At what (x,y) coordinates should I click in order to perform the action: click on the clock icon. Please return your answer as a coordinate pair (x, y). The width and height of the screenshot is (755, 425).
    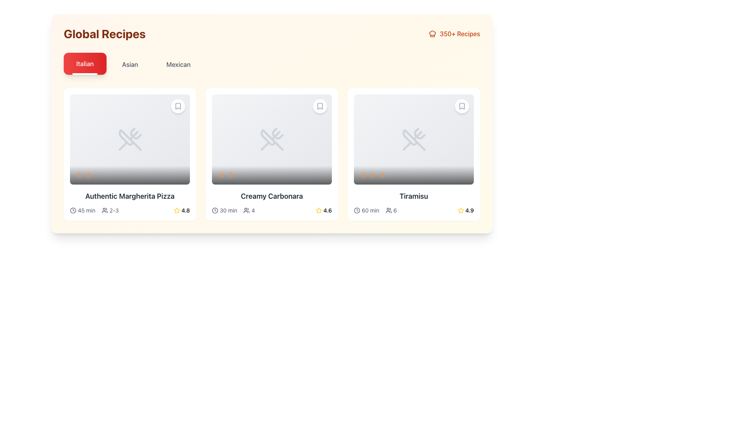
    Looking at the image, I should click on (356, 209).